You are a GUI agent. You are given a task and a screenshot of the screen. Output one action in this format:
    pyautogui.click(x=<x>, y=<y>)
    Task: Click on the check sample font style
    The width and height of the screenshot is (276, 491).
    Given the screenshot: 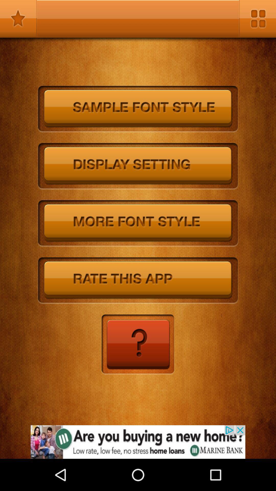 What is the action you would take?
    pyautogui.click(x=138, y=109)
    